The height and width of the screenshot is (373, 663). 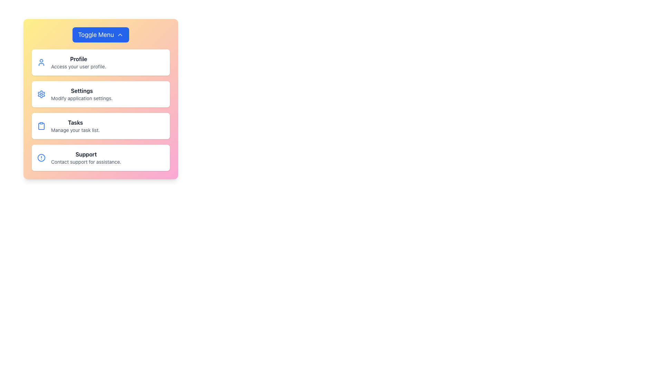 What do you see at coordinates (75, 126) in the screenshot?
I see `the information presented by the 'Tasks' label in the menu, which describes the task management functionality` at bounding box center [75, 126].